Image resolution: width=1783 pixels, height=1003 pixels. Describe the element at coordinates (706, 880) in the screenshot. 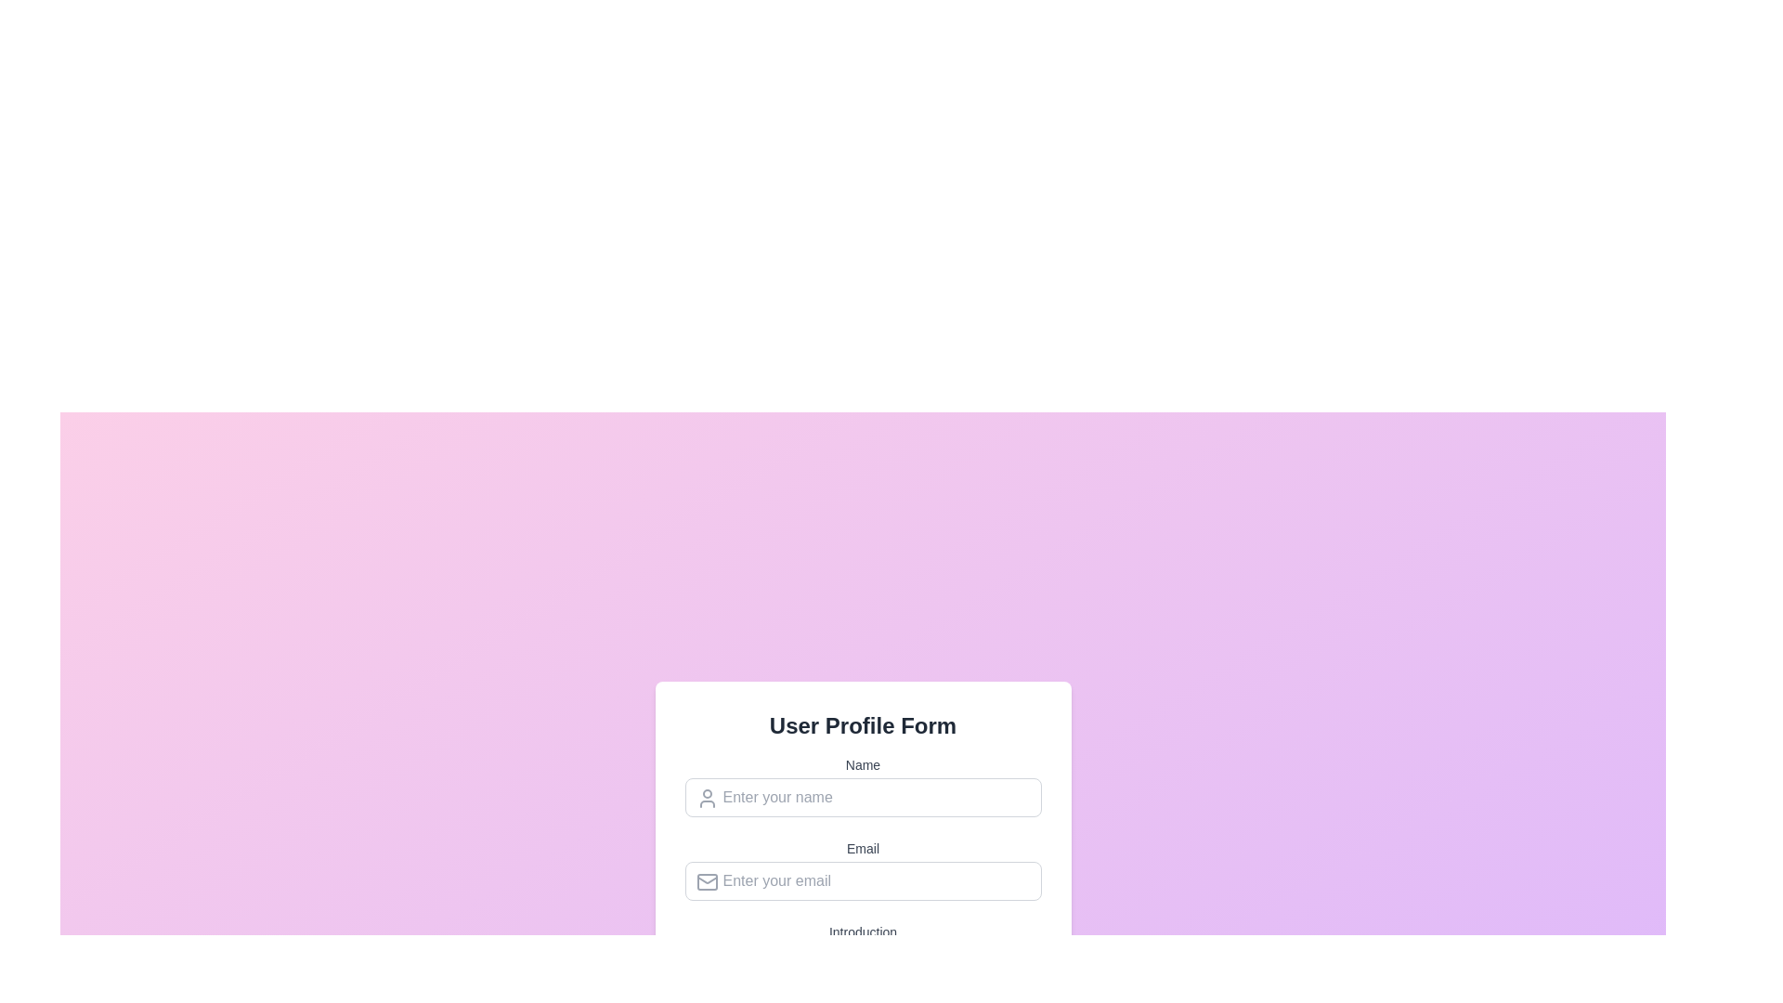

I see `email envelope icon, which is a rectangle with rounded corners, located near the top-left corner of the user profile form input field` at that location.